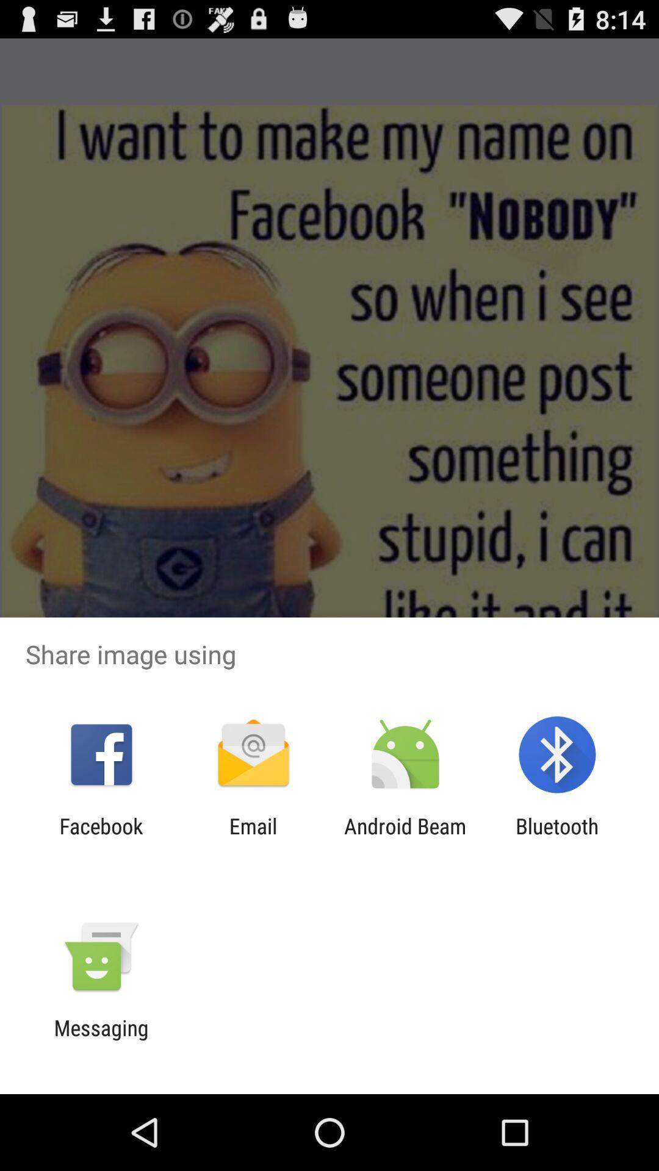 The height and width of the screenshot is (1171, 659). Describe the element at coordinates (253, 838) in the screenshot. I see `the icon to the right of the facebook` at that location.